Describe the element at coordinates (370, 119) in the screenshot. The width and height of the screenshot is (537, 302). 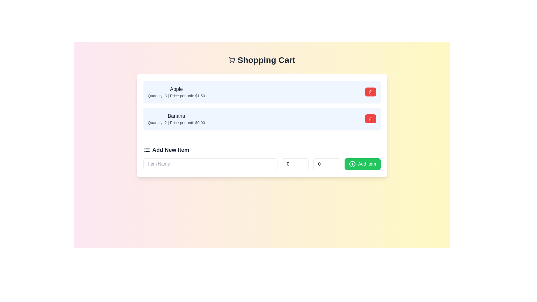
I see `the second red trash can icon in the list` at that location.